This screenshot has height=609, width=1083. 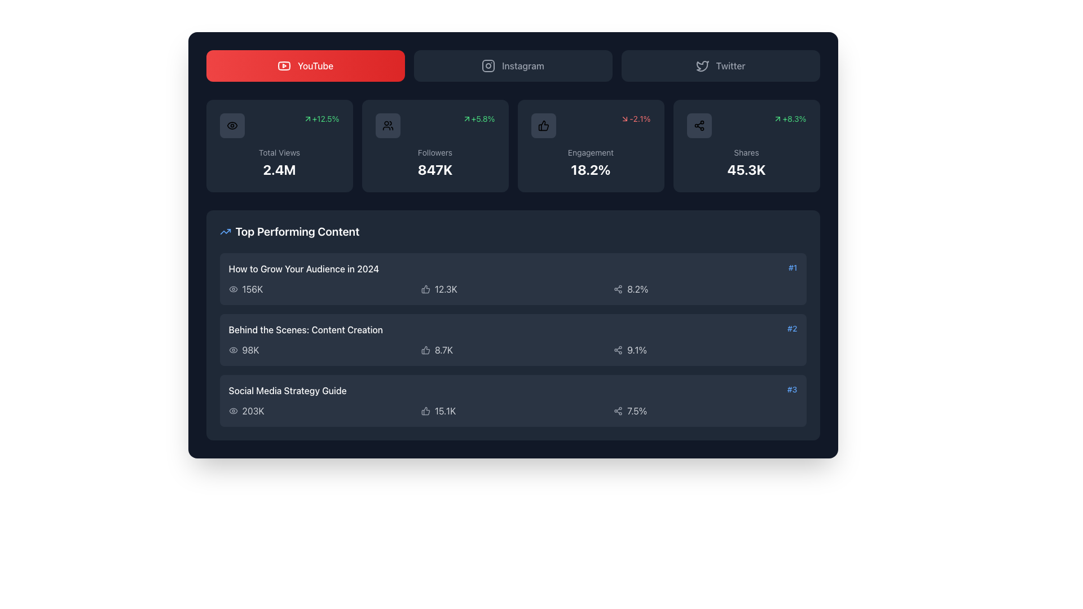 I want to click on the user approval icon located in the 'Top Performing Content' section, specifically next to the content item 'Behind the Scenes: Content Creation' and to the left of the numeric value '8.7K', so click(x=425, y=350).